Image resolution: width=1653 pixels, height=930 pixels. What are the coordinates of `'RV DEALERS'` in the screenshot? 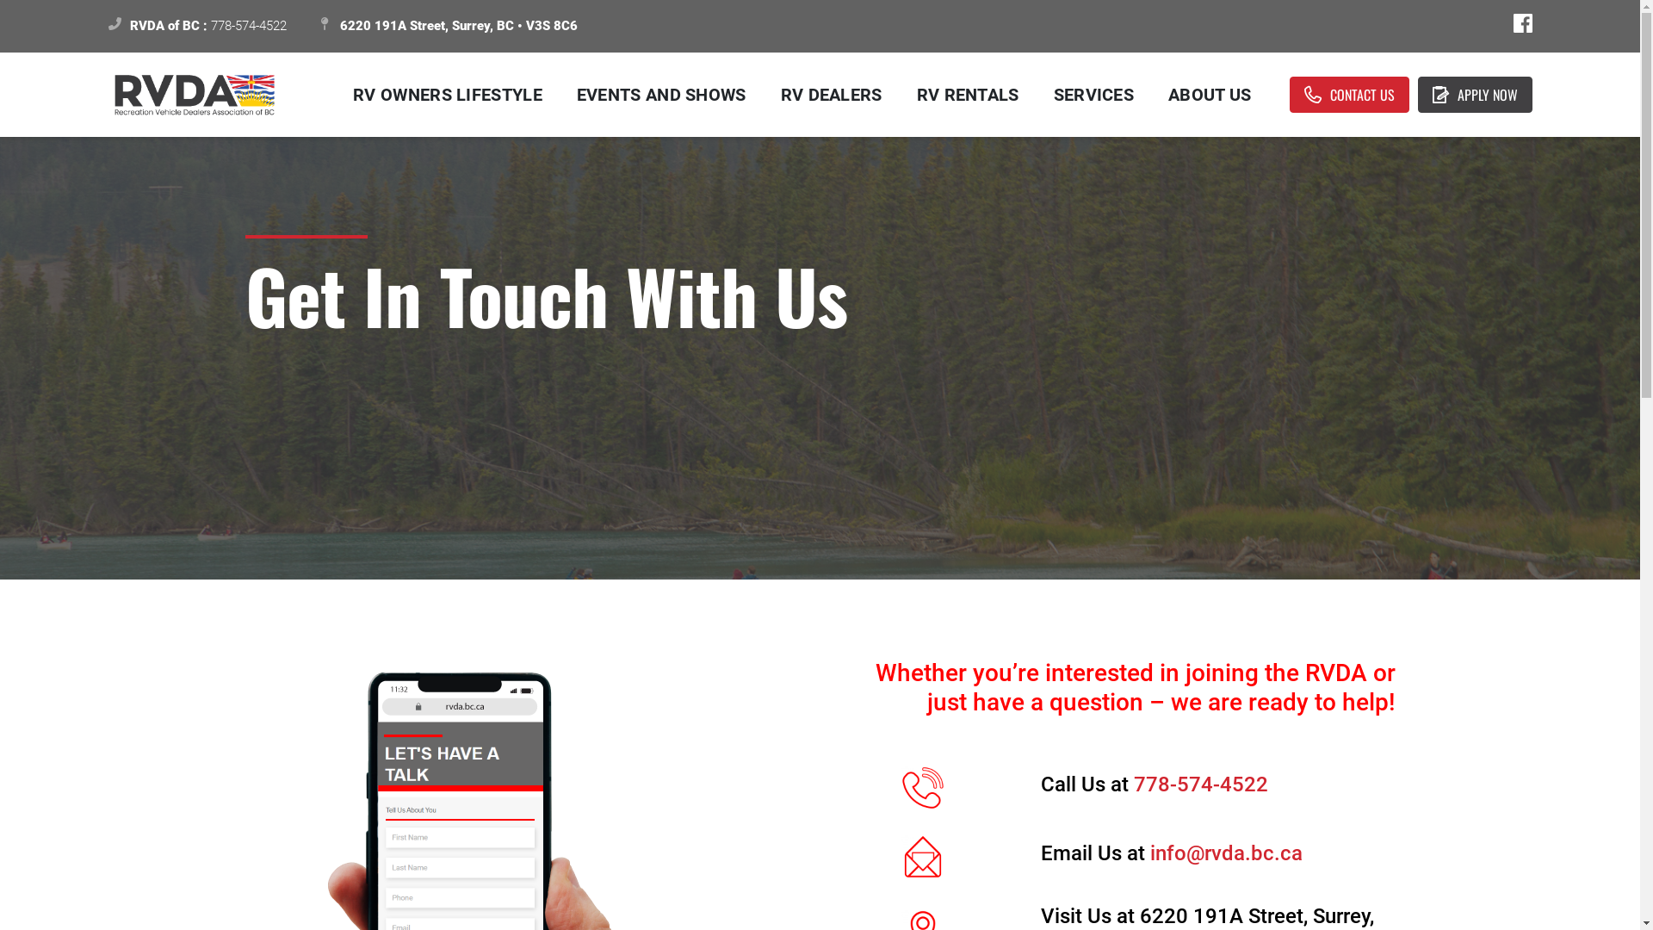 It's located at (831, 95).